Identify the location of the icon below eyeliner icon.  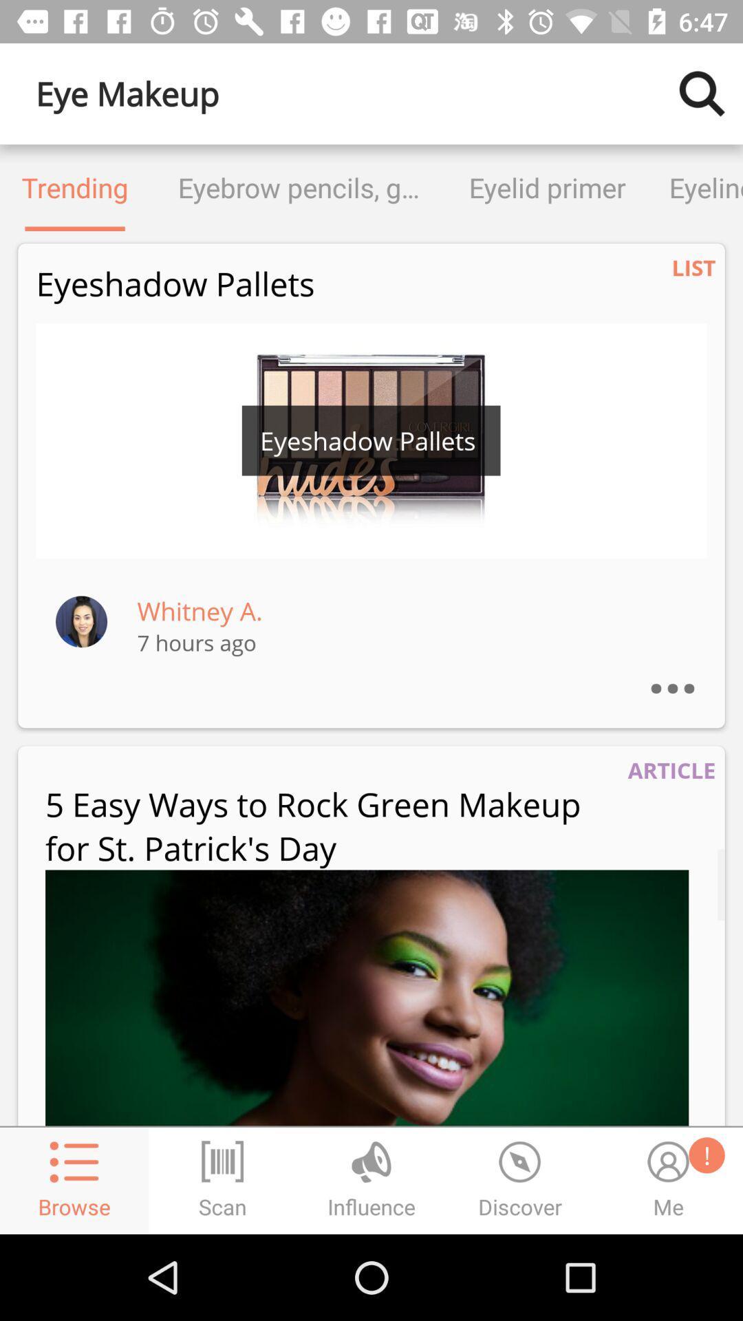
(693, 268).